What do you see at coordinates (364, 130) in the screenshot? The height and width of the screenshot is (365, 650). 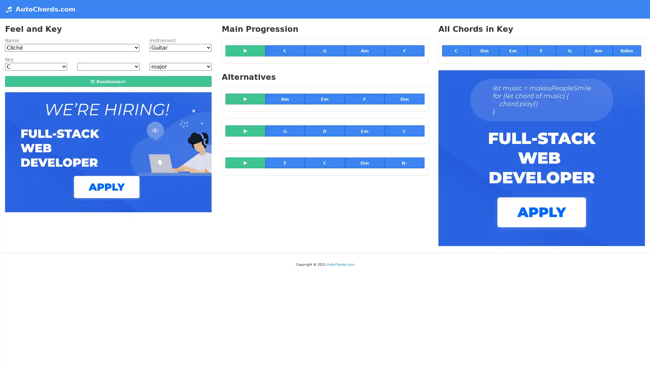 I see `Em` at bounding box center [364, 130].